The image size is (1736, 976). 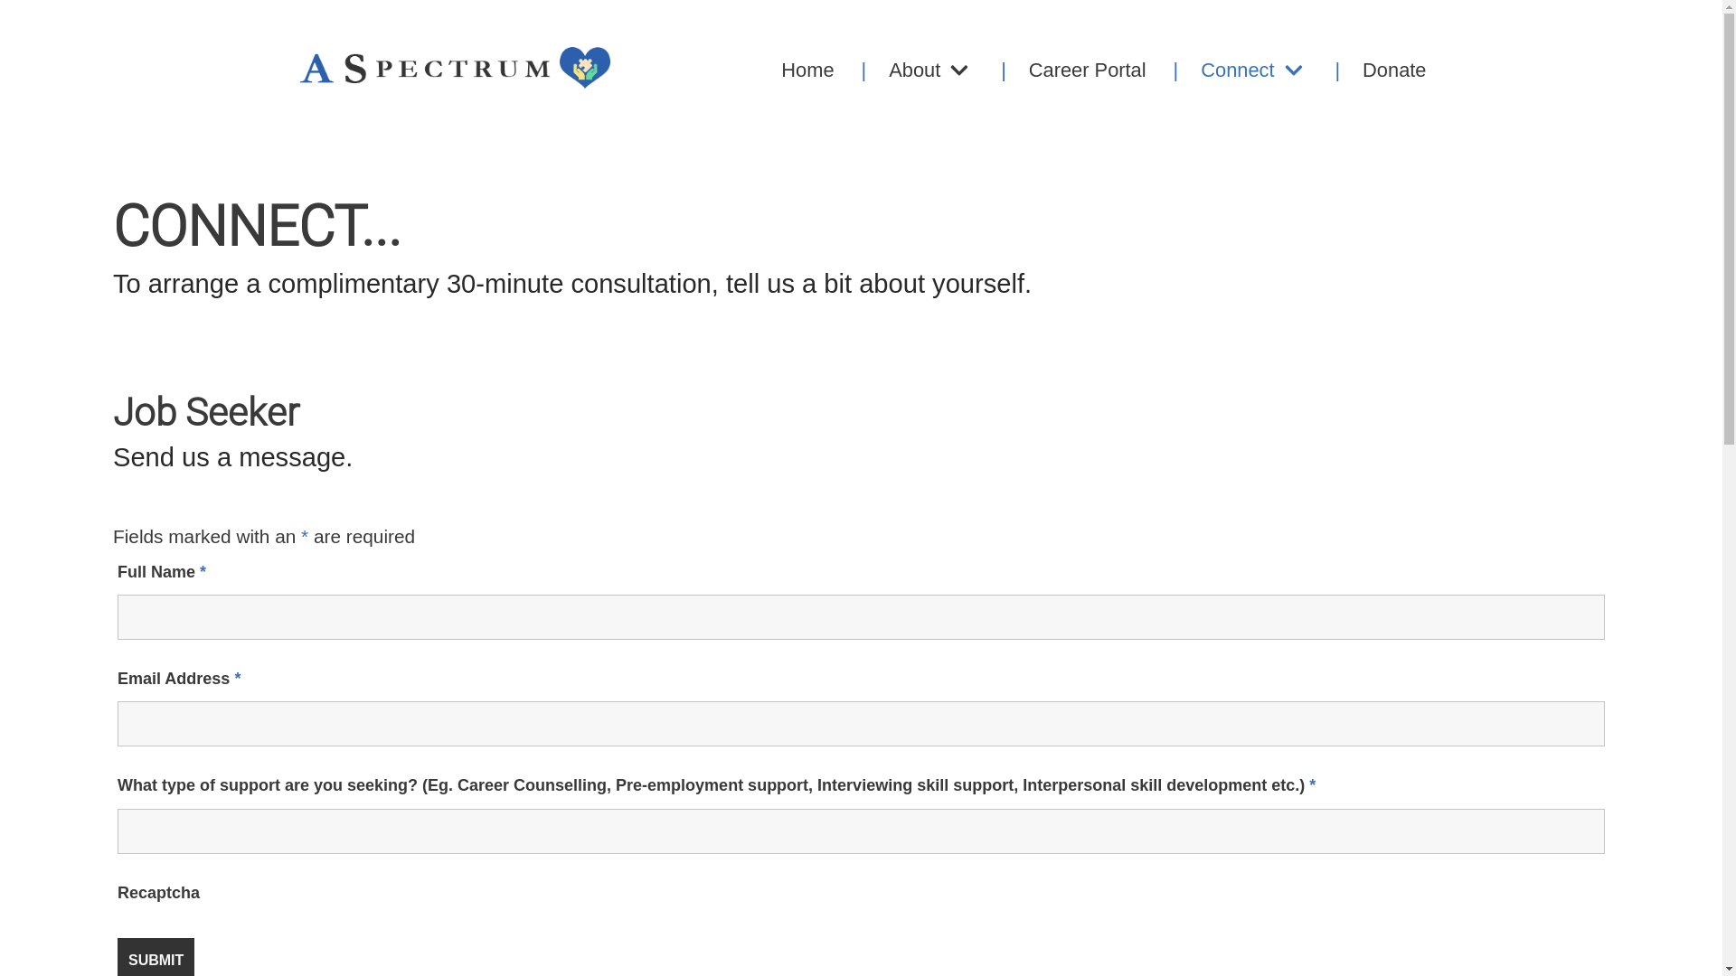 What do you see at coordinates (1368, 69) in the screenshot?
I see `'Donate'` at bounding box center [1368, 69].